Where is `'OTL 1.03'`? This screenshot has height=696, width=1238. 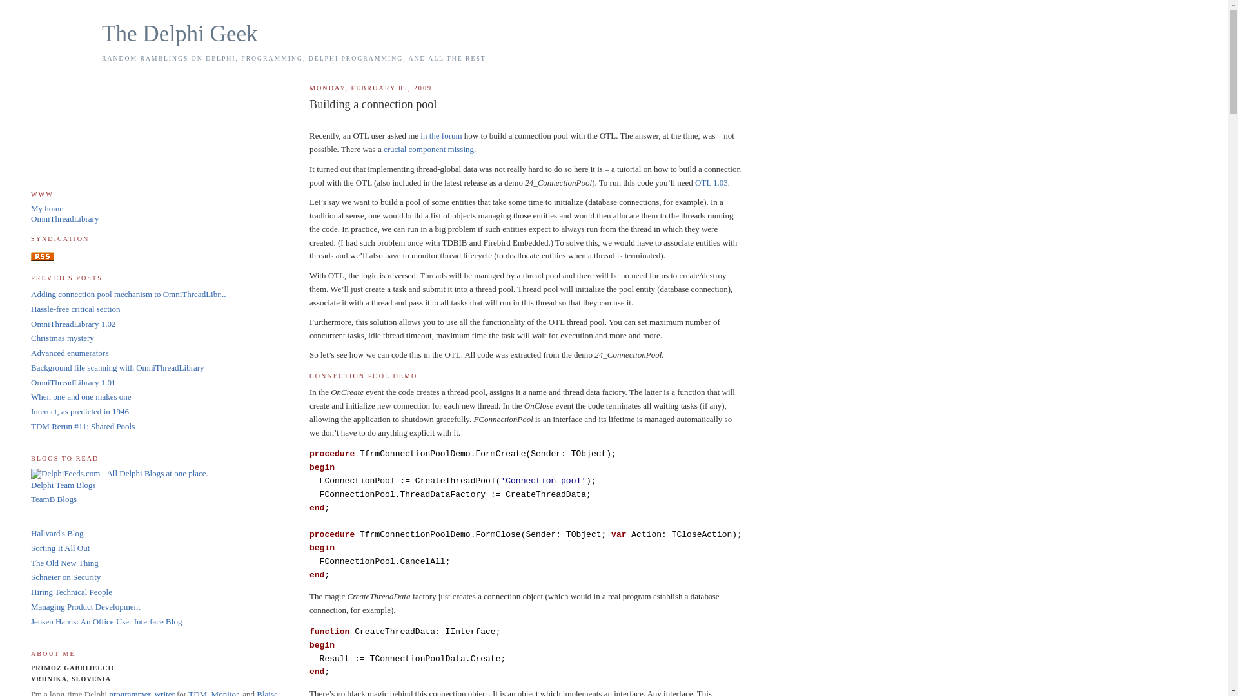
'OTL 1.03' is located at coordinates (711, 182).